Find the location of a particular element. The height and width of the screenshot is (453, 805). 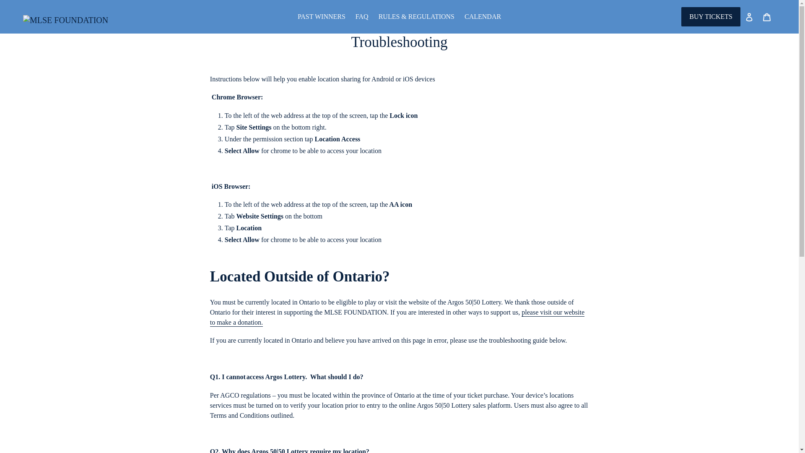

'Log in' is located at coordinates (749, 16).